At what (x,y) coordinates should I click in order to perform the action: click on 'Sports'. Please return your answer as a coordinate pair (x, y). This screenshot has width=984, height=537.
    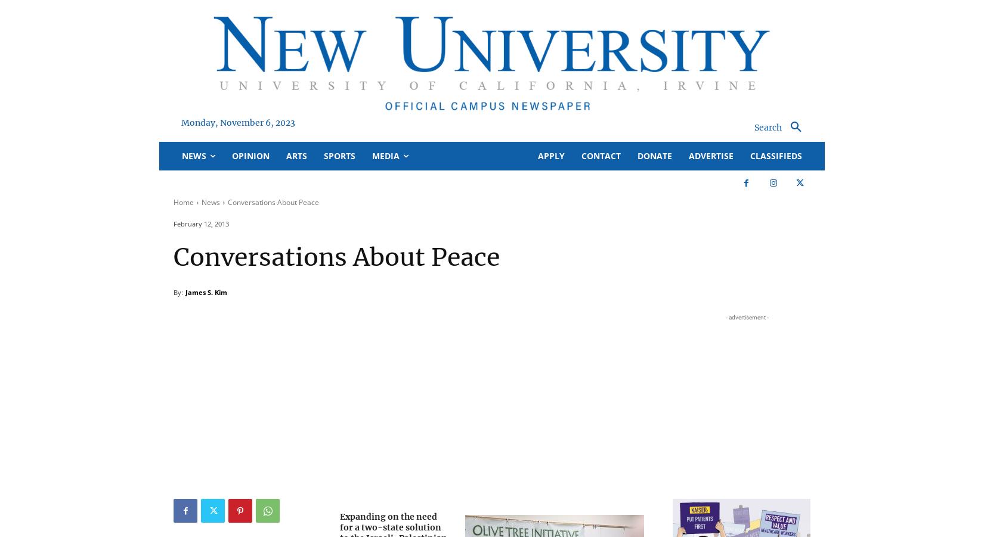
    Looking at the image, I should click on (339, 155).